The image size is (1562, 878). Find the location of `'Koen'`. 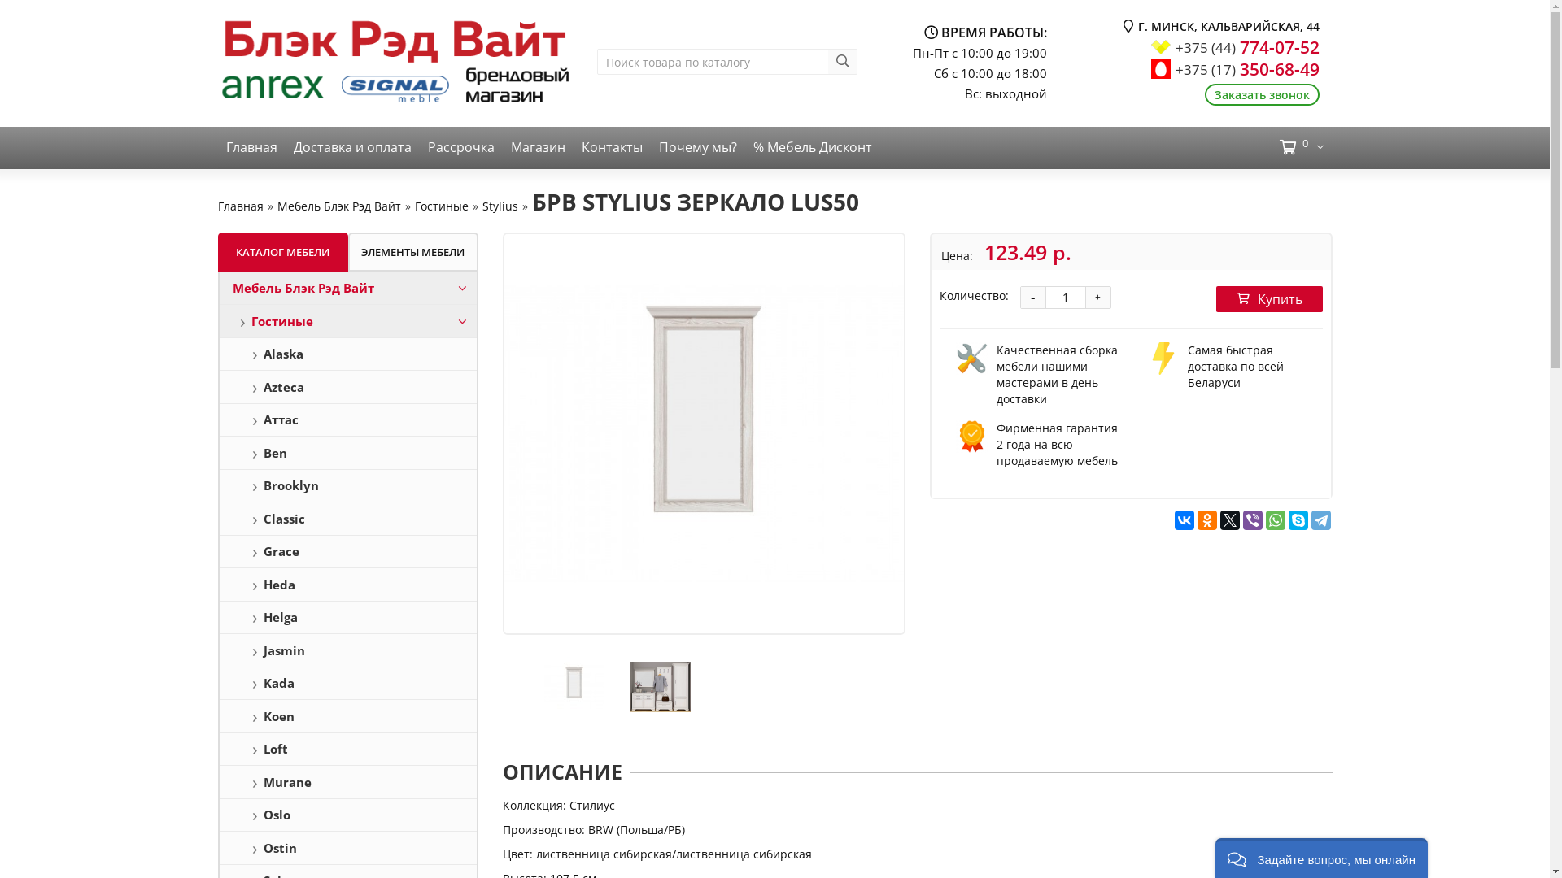

'Koen' is located at coordinates (347, 715).